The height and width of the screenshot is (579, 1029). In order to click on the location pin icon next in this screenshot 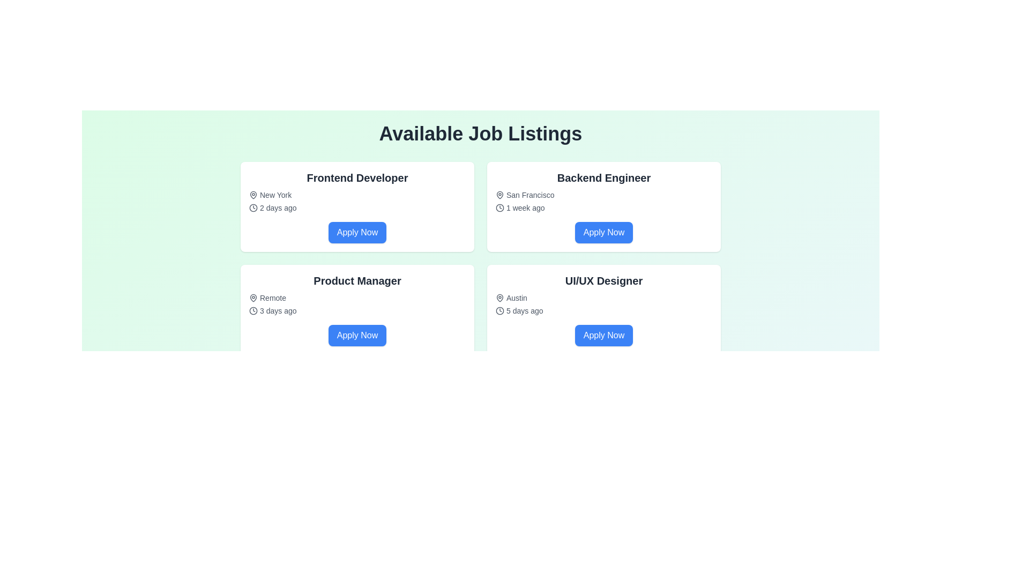, I will do `click(499, 195)`.